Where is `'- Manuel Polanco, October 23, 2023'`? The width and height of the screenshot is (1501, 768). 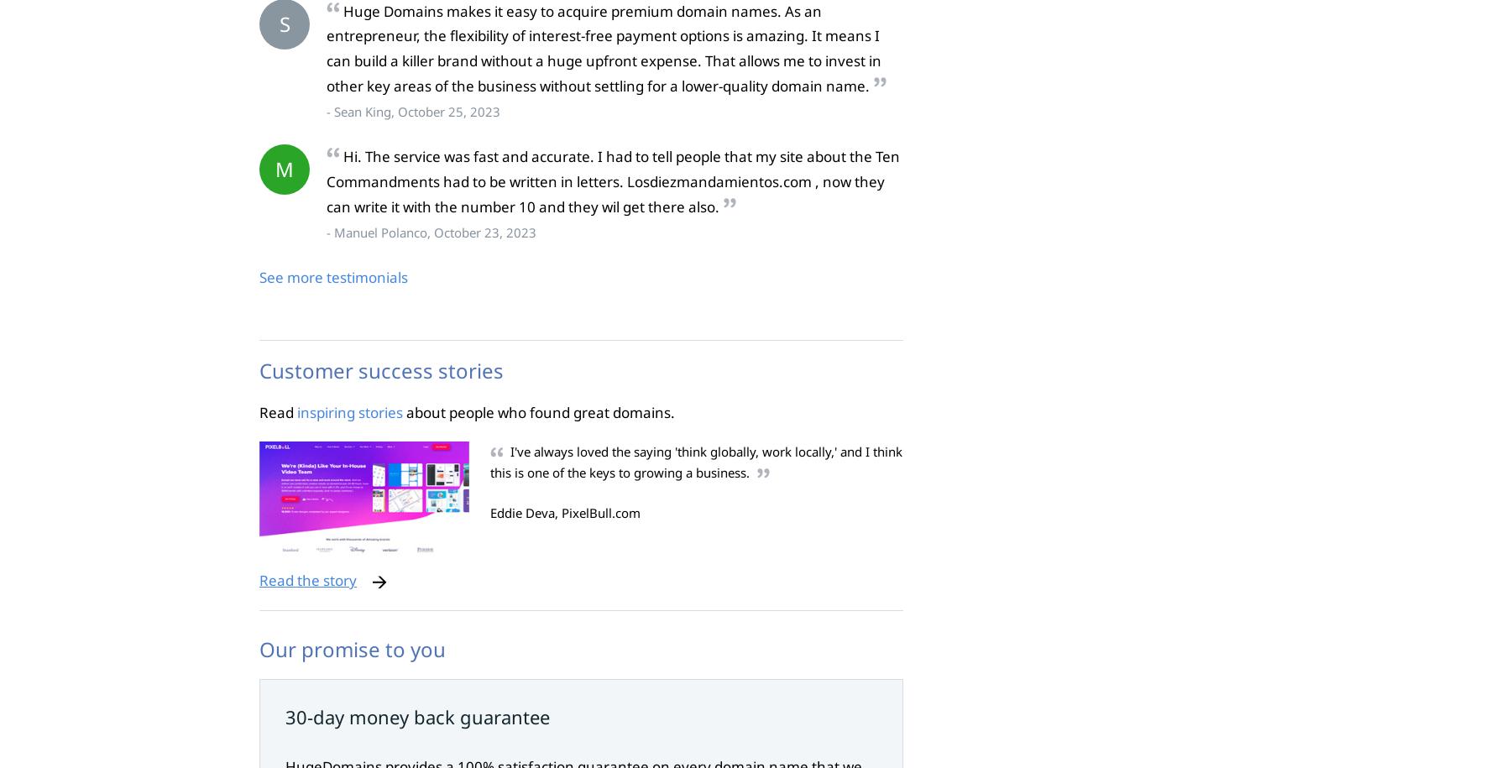 '- Manuel Polanco, October 23, 2023' is located at coordinates (431, 230).